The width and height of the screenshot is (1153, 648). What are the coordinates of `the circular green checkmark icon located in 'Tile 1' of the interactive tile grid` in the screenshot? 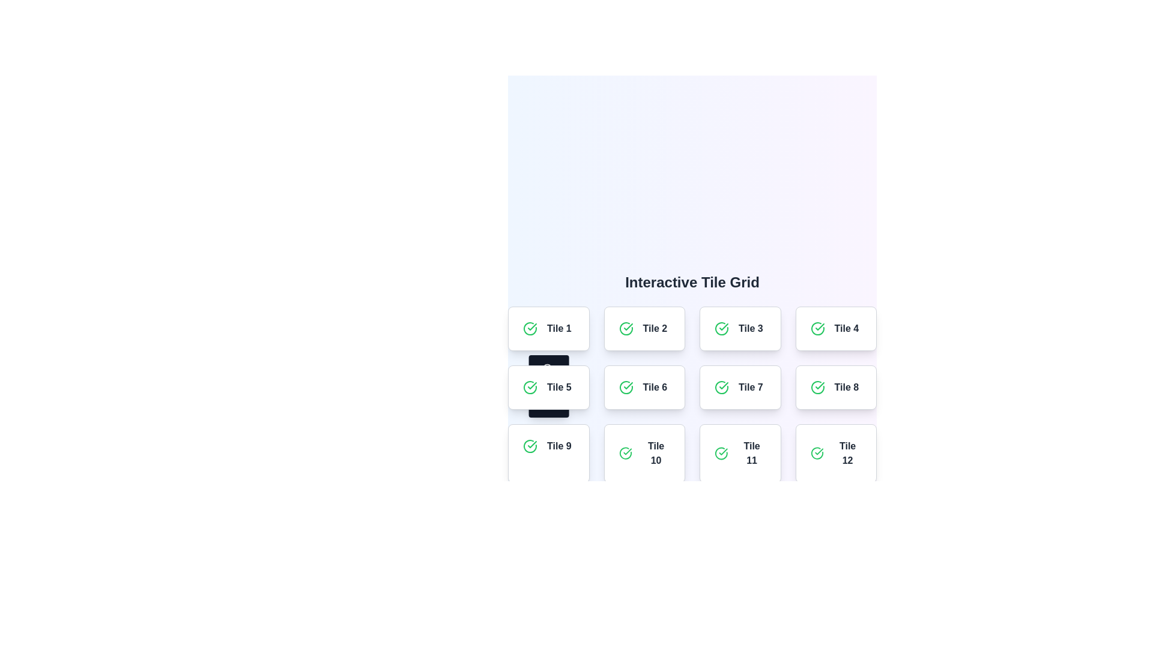 It's located at (530, 328).